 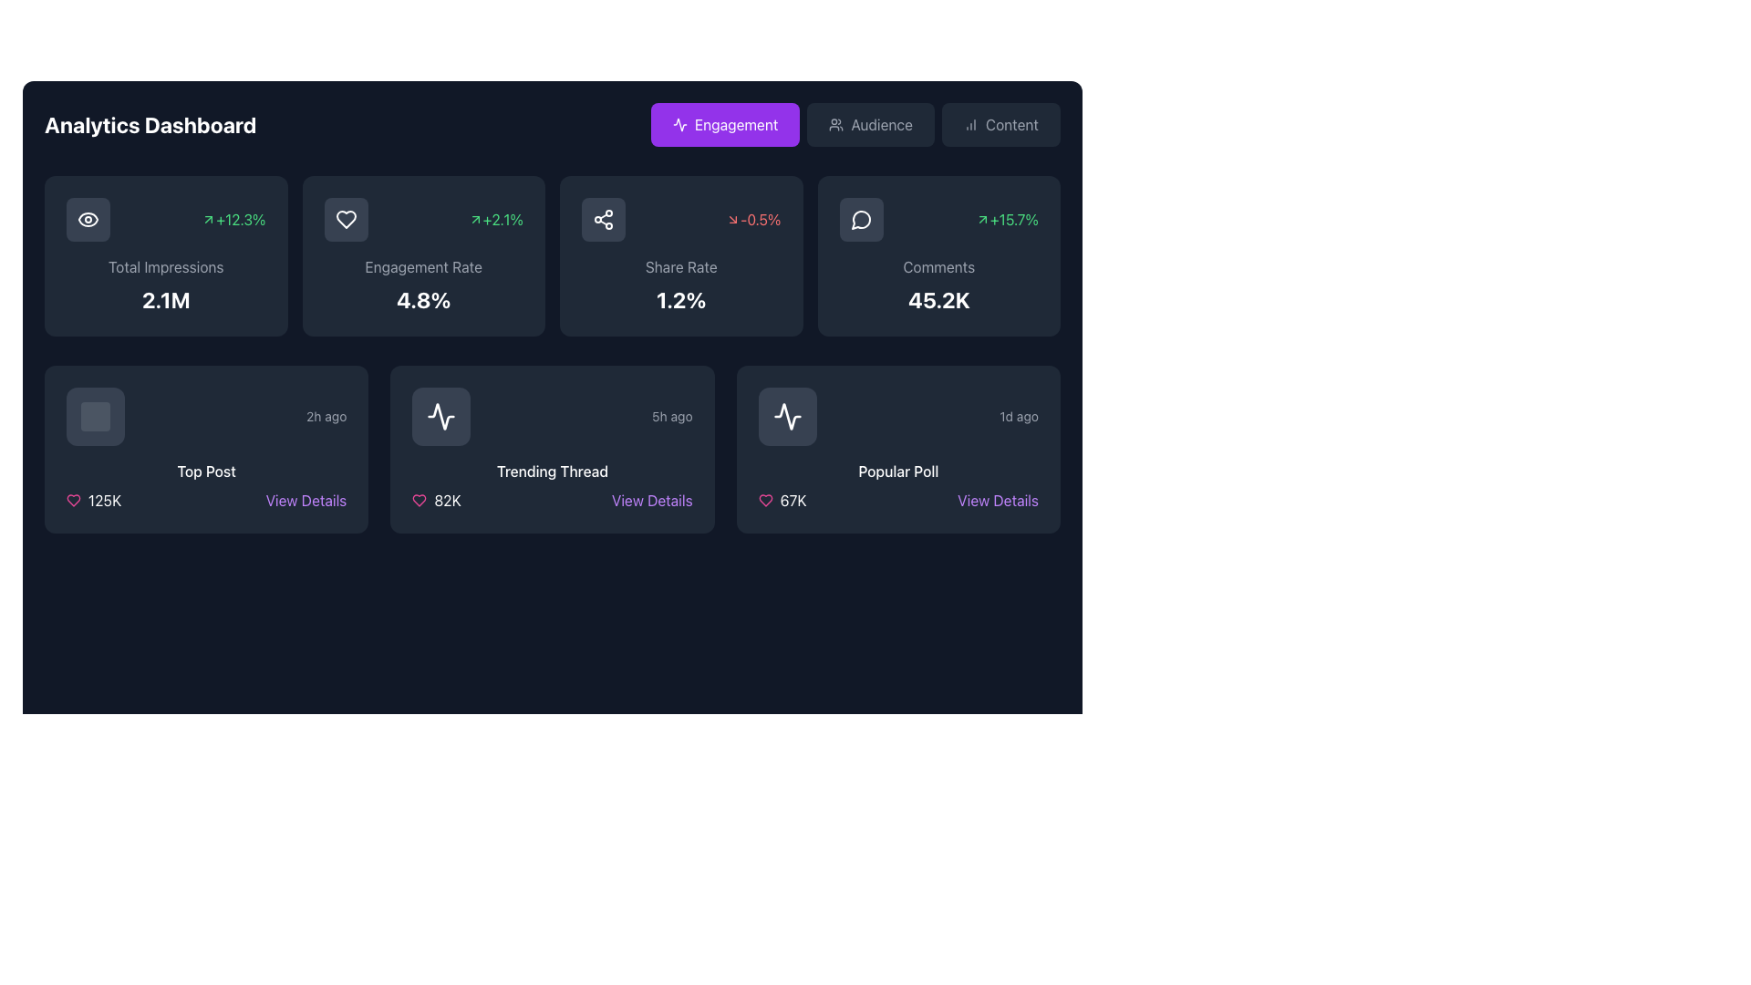 What do you see at coordinates (441, 416) in the screenshot?
I see `the stylized waveform SVG Icon located in the middle of the second row under the Analytics Dashboard labeled 'Trending Thread'` at bounding box center [441, 416].